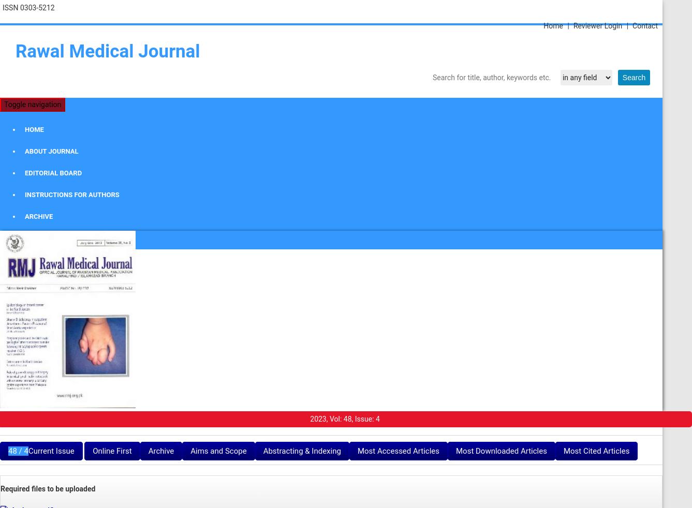  I want to click on 'ISSN  0303-5212', so click(28, 7).